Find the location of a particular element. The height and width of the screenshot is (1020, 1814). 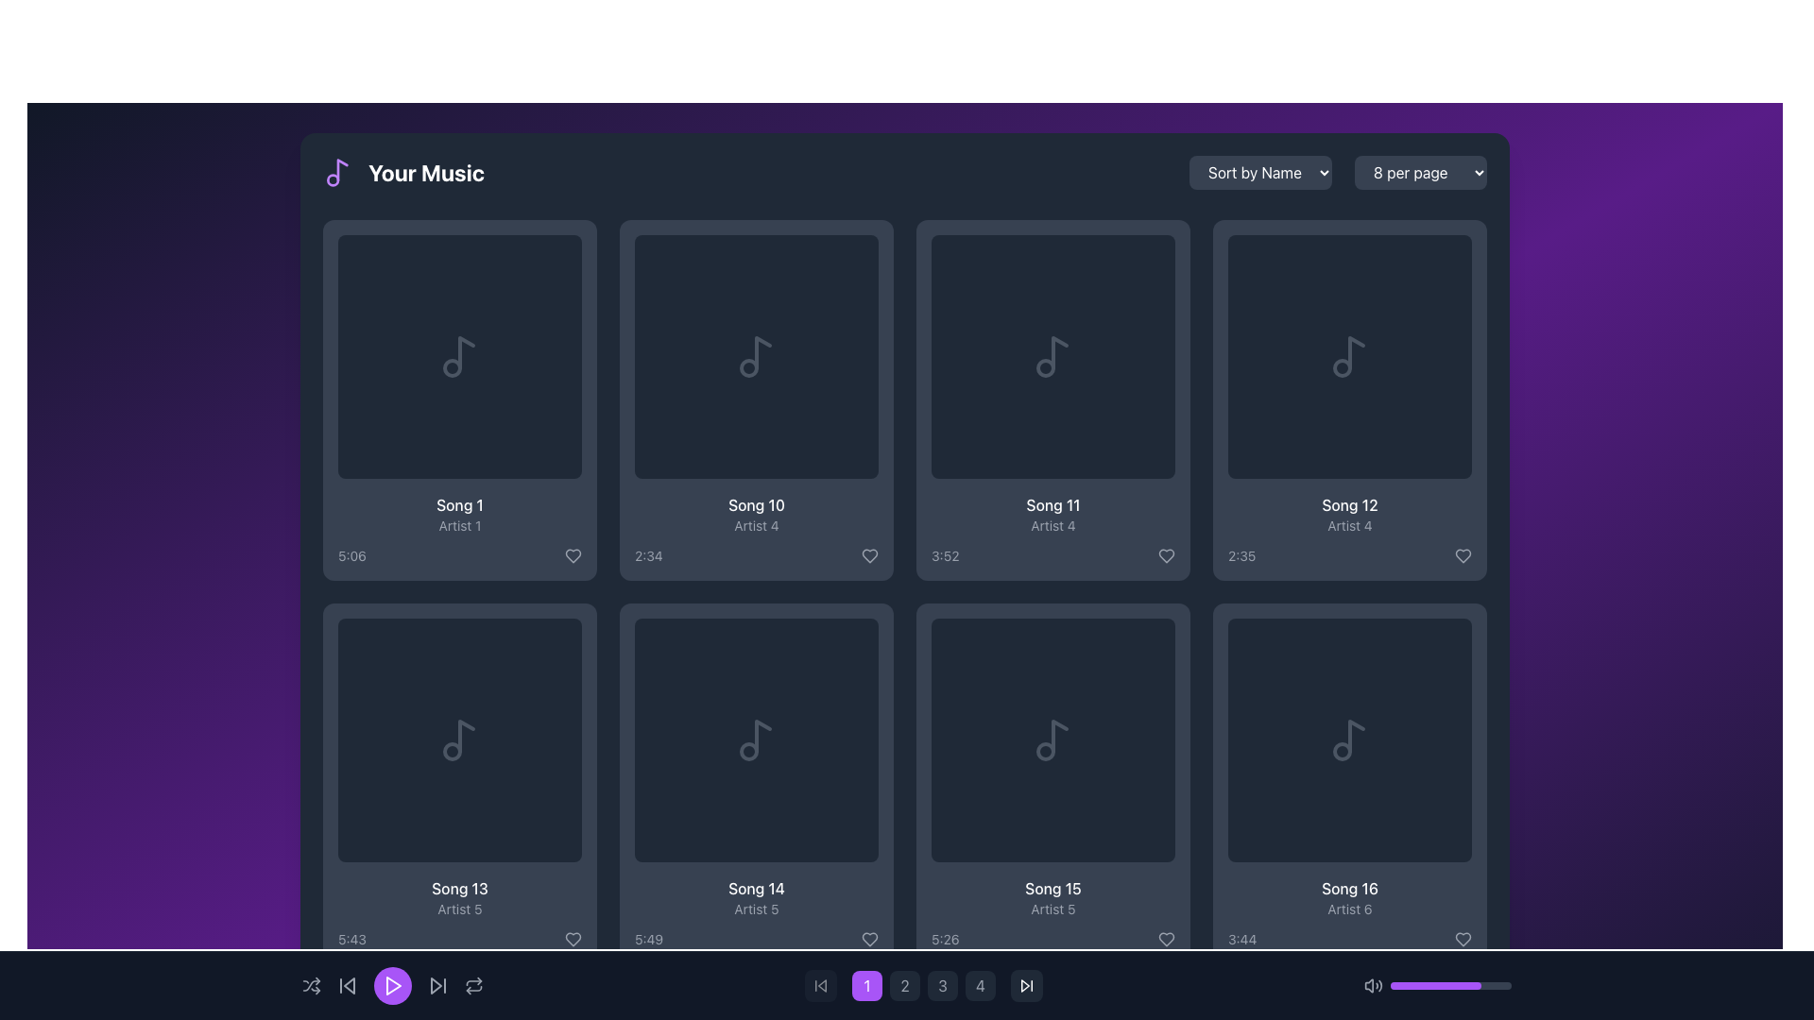

the small circle element within the musical note icon that is centered on the card labeled 'Song 10' with artist 'Artist 4' is located at coordinates (747, 367).